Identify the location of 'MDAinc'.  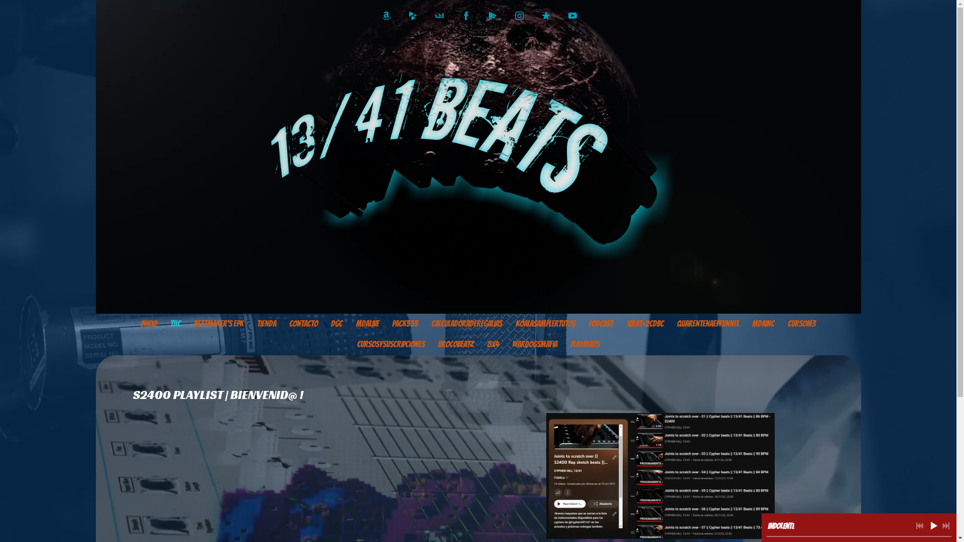
(763, 324).